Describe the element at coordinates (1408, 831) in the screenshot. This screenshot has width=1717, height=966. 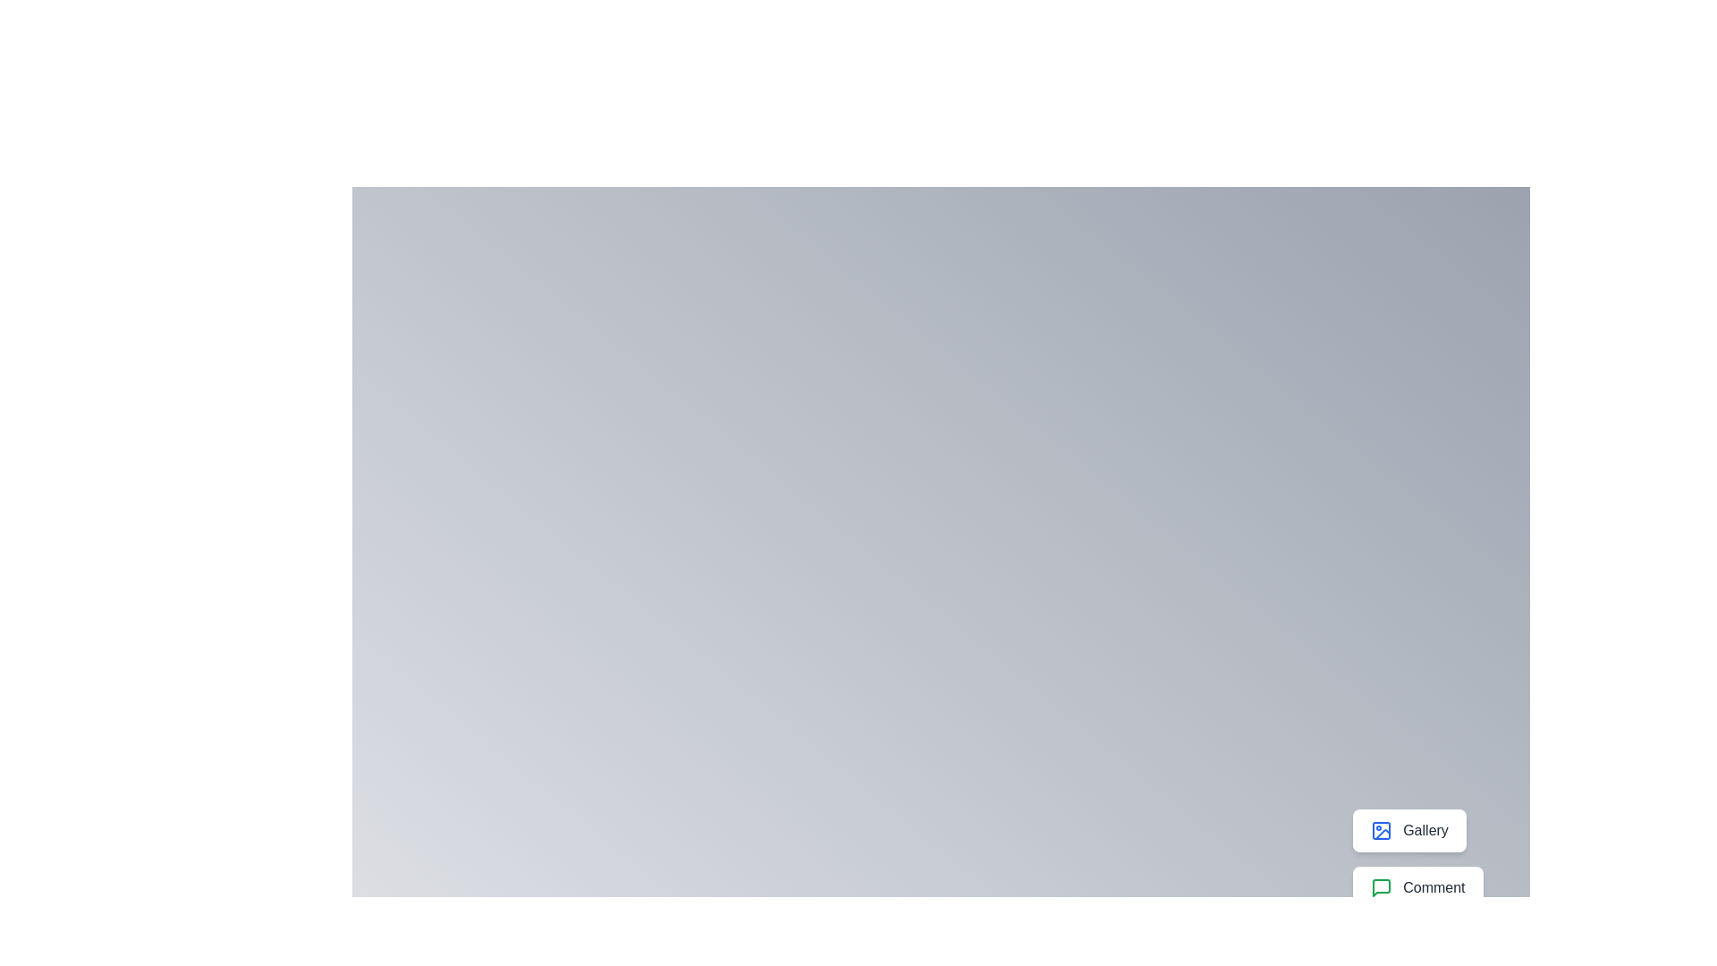
I see `the Gallery button in the EnhancedSpeedDial menu` at that location.